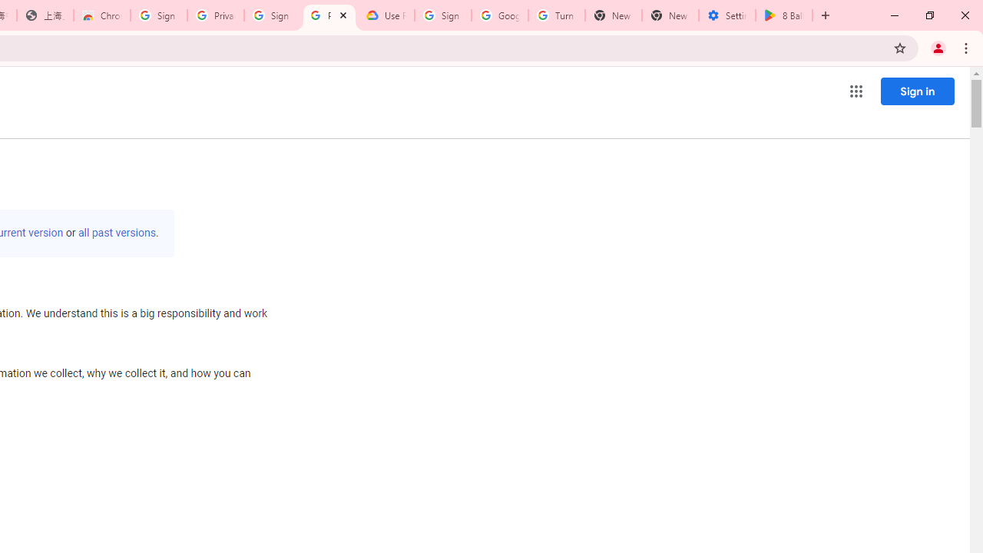  Describe the element at coordinates (784, 15) in the screenshot. I see `'8 Ball Pool - Apps on Google Play'` at that location.